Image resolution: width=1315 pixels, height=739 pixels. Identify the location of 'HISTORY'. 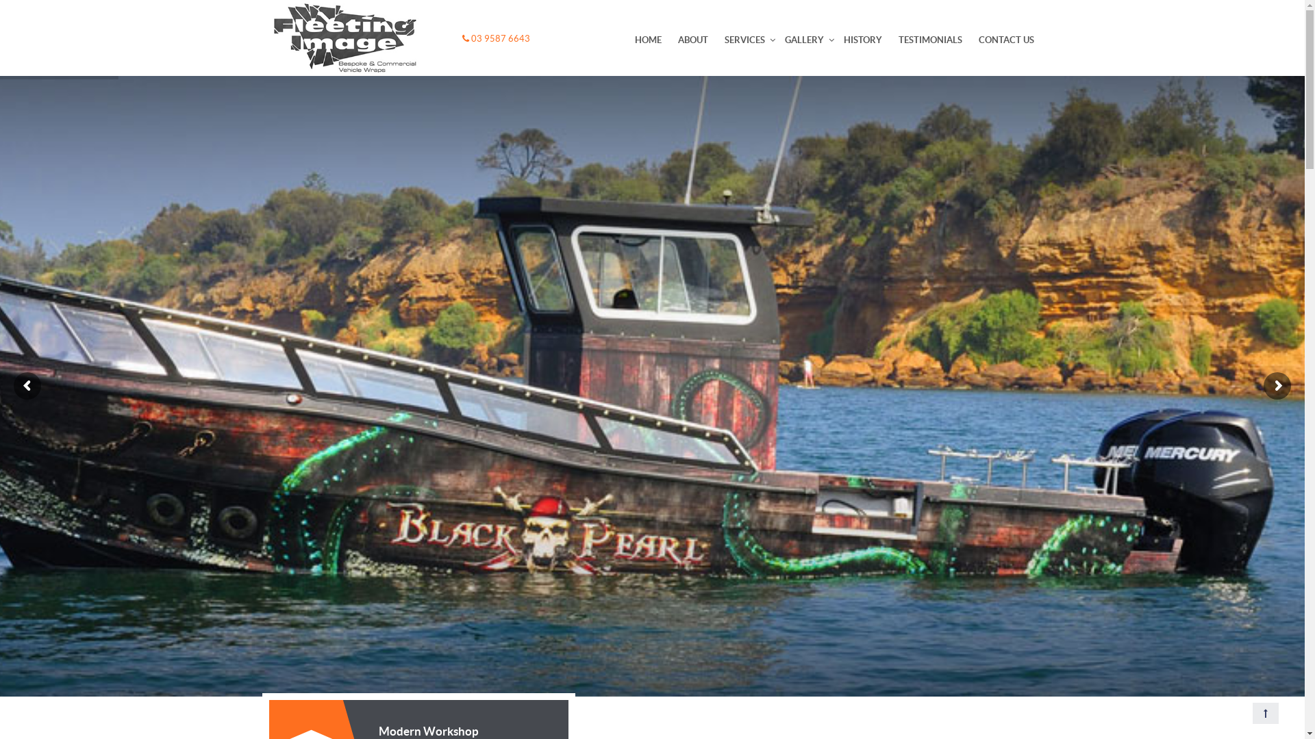
(834, 39).